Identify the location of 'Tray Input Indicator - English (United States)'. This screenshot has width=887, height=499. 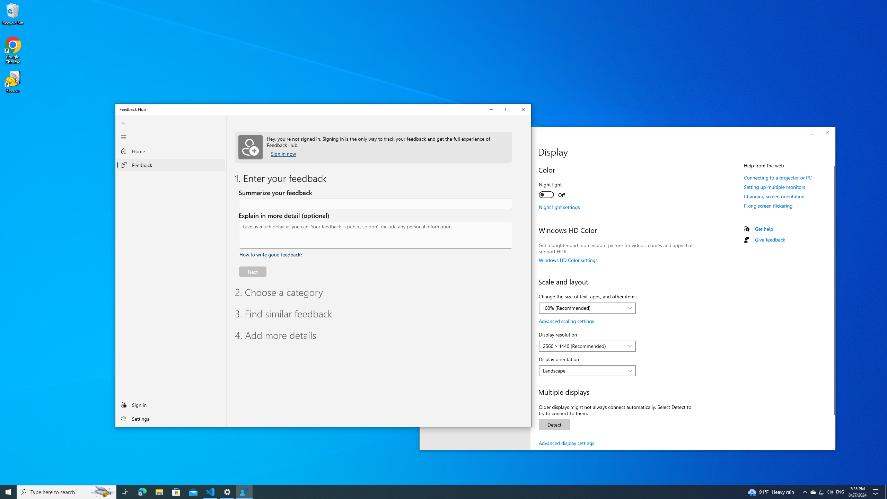
(821, 491).